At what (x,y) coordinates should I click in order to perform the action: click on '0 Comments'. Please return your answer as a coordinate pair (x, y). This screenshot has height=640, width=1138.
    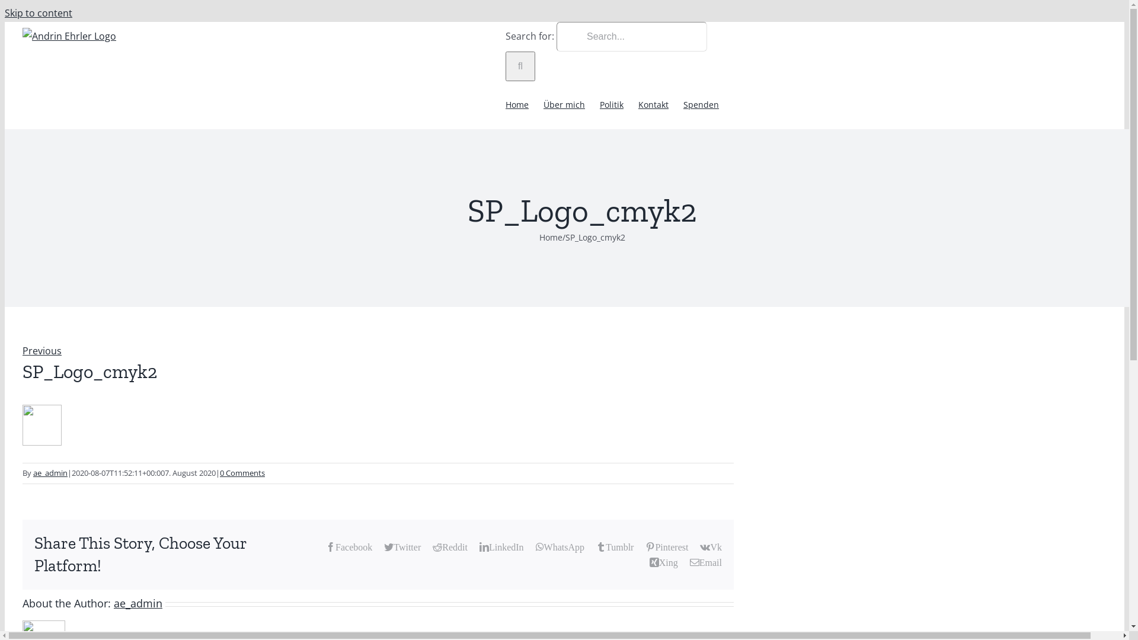
    Looking at the image, I should click on (219, 472).